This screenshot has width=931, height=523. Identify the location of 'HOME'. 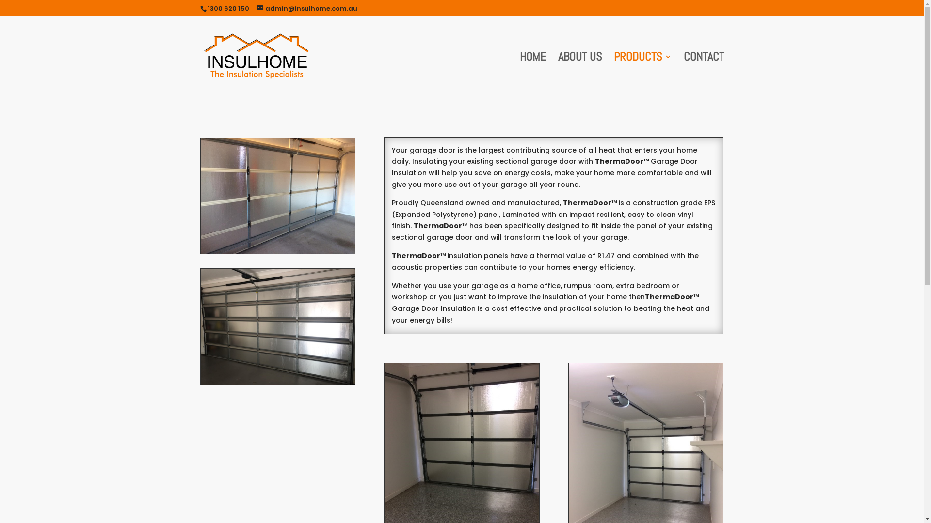
(532, 74).